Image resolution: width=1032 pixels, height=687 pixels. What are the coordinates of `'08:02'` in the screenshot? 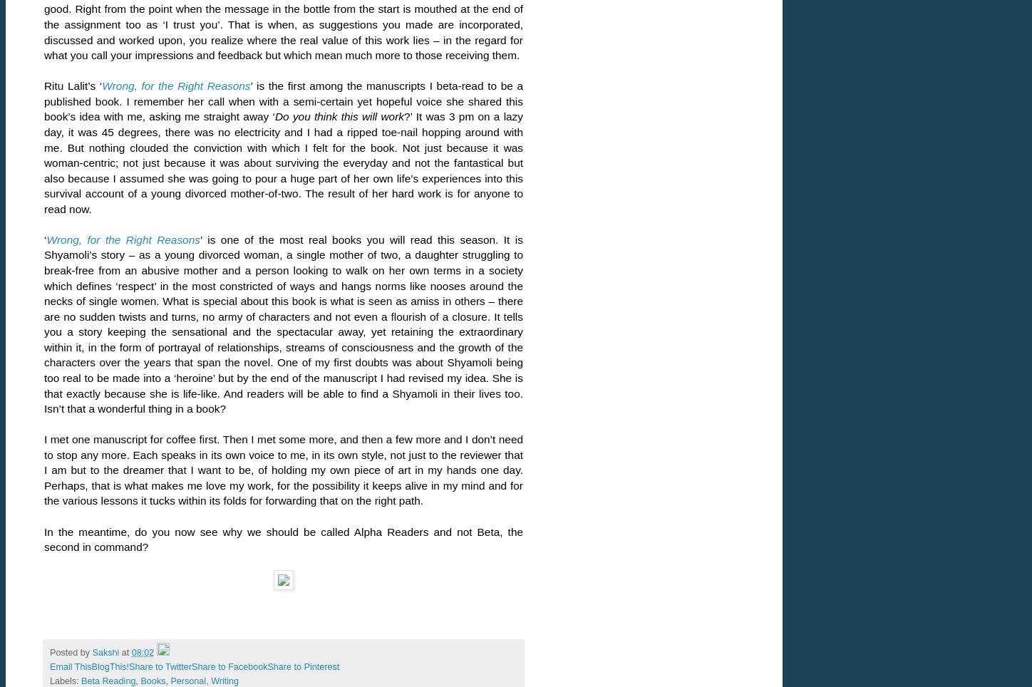 It's located at (142, 651).